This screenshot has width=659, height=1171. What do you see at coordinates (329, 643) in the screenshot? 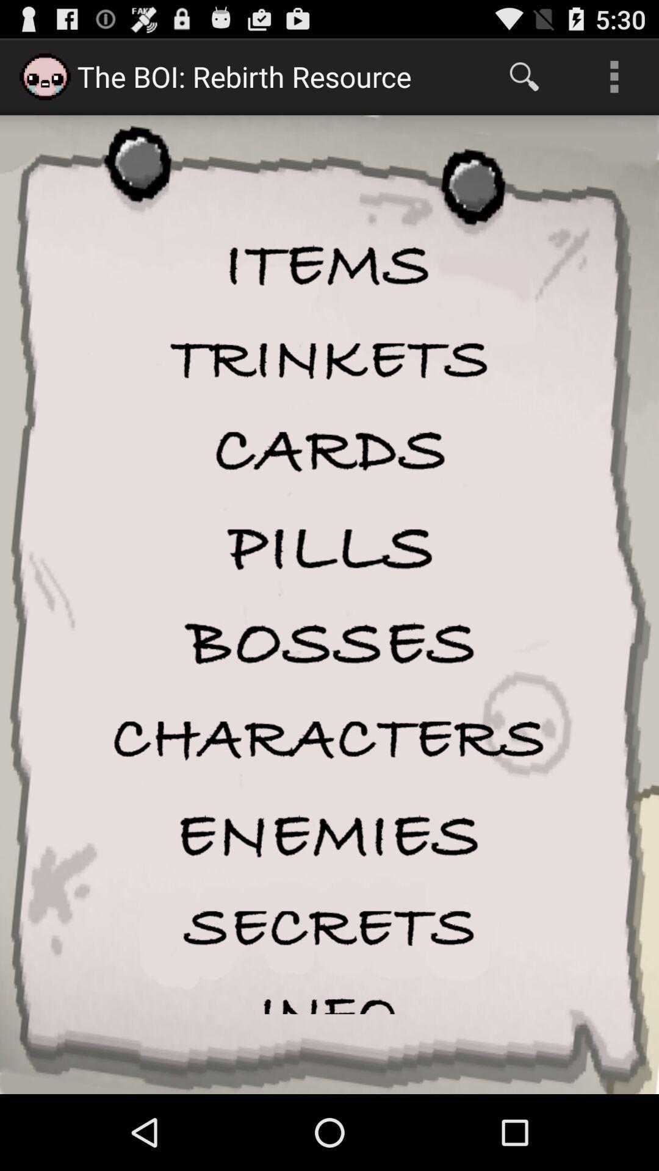
I see `this item` at bounding box center [329, 643].